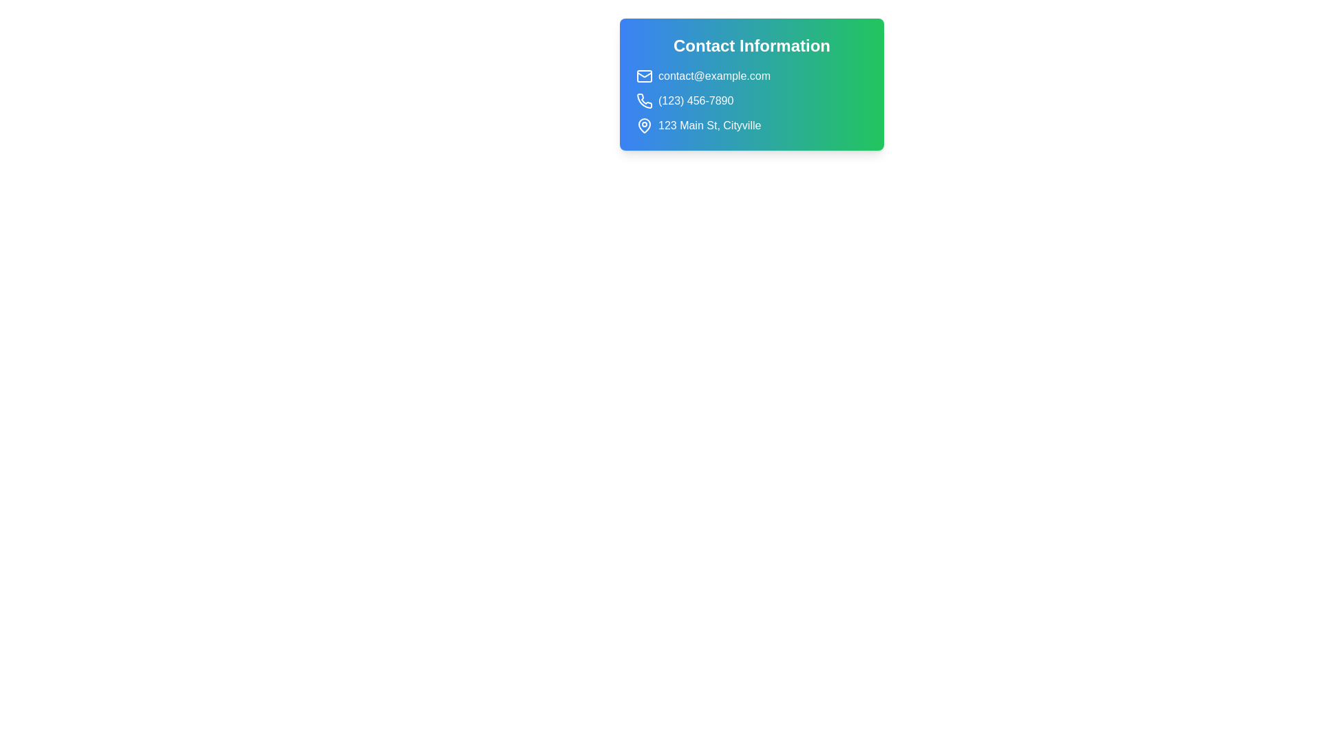  Describe the element at coordinates (713, 76) in the screenshot. I see `the text display element that shows the email address for copying it, located within the 'Contact Information' card and positioned to the right of the email icon` at that location.